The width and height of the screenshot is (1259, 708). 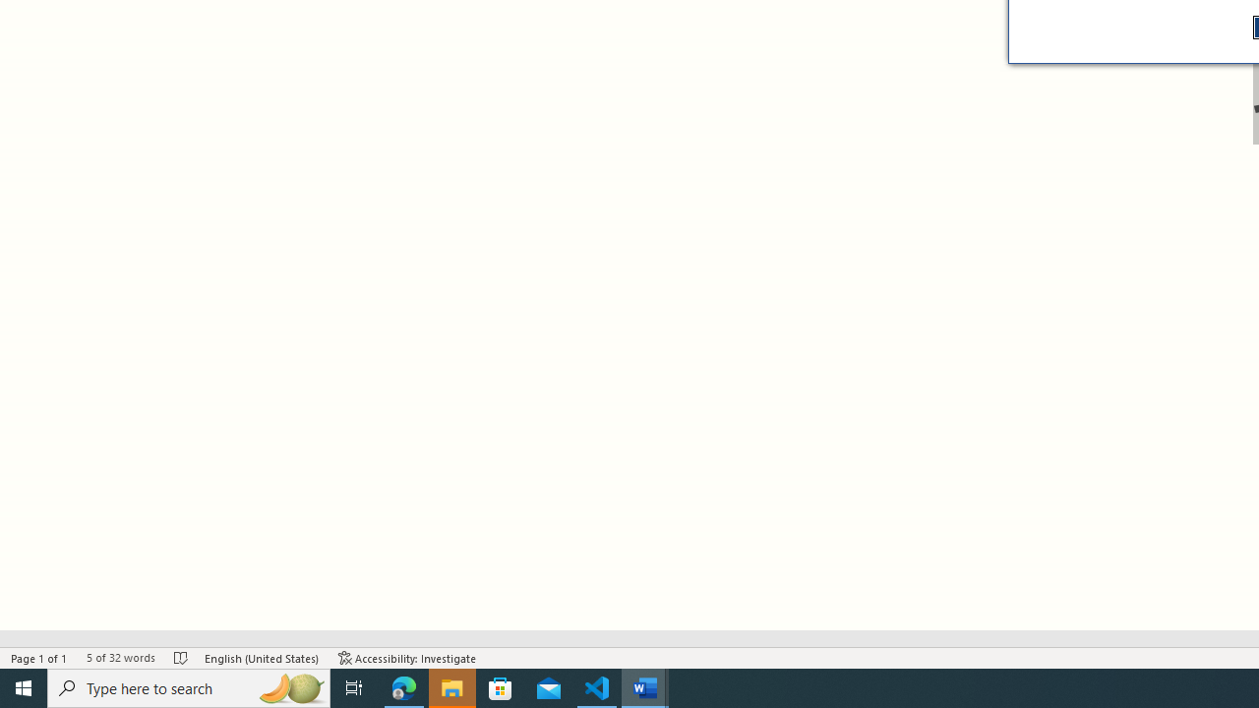 I want to click on 'Visual Studio Code - 1 running window', so click(x=596, y=686).